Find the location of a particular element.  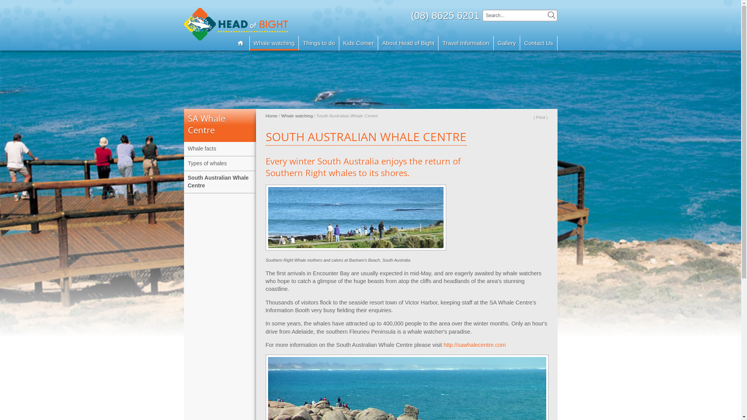

'| Print |' is located at coordinates (540, 117).